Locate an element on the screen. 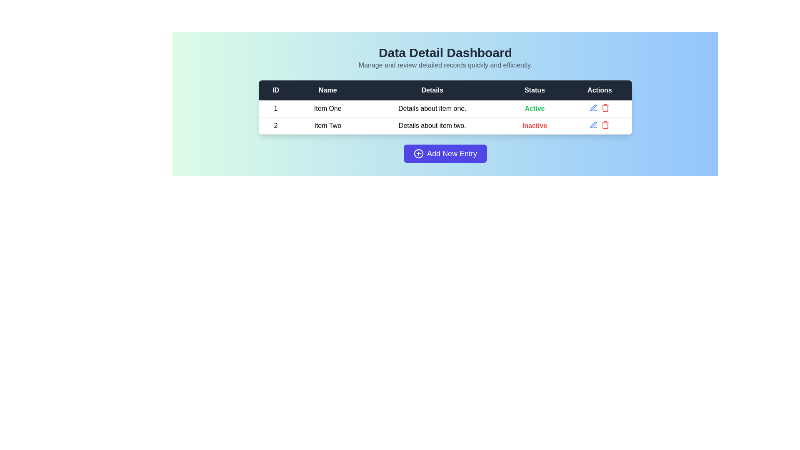 This screenshot has width=800, height=450. the edit icon button, represented by a stylized pen drawing, located in the second row of the Actions column corresponding to 'Item Two' is located at coordinates (593, 125).